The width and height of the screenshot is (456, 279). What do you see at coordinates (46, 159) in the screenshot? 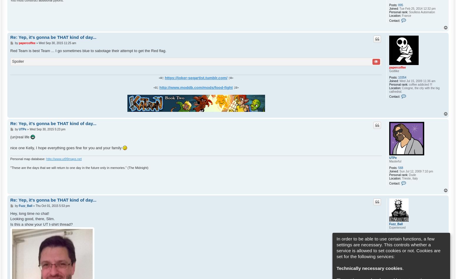
I see `'http://www.ut99maps.net'` at bounding box center [46, 159].